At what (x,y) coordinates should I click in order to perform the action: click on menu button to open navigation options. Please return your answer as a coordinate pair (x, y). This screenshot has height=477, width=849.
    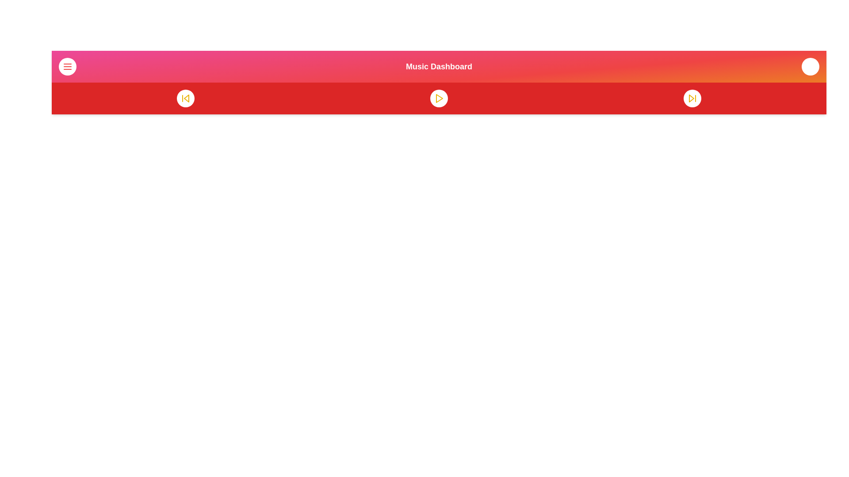
    Looking at the image, I should click on (67, 66).